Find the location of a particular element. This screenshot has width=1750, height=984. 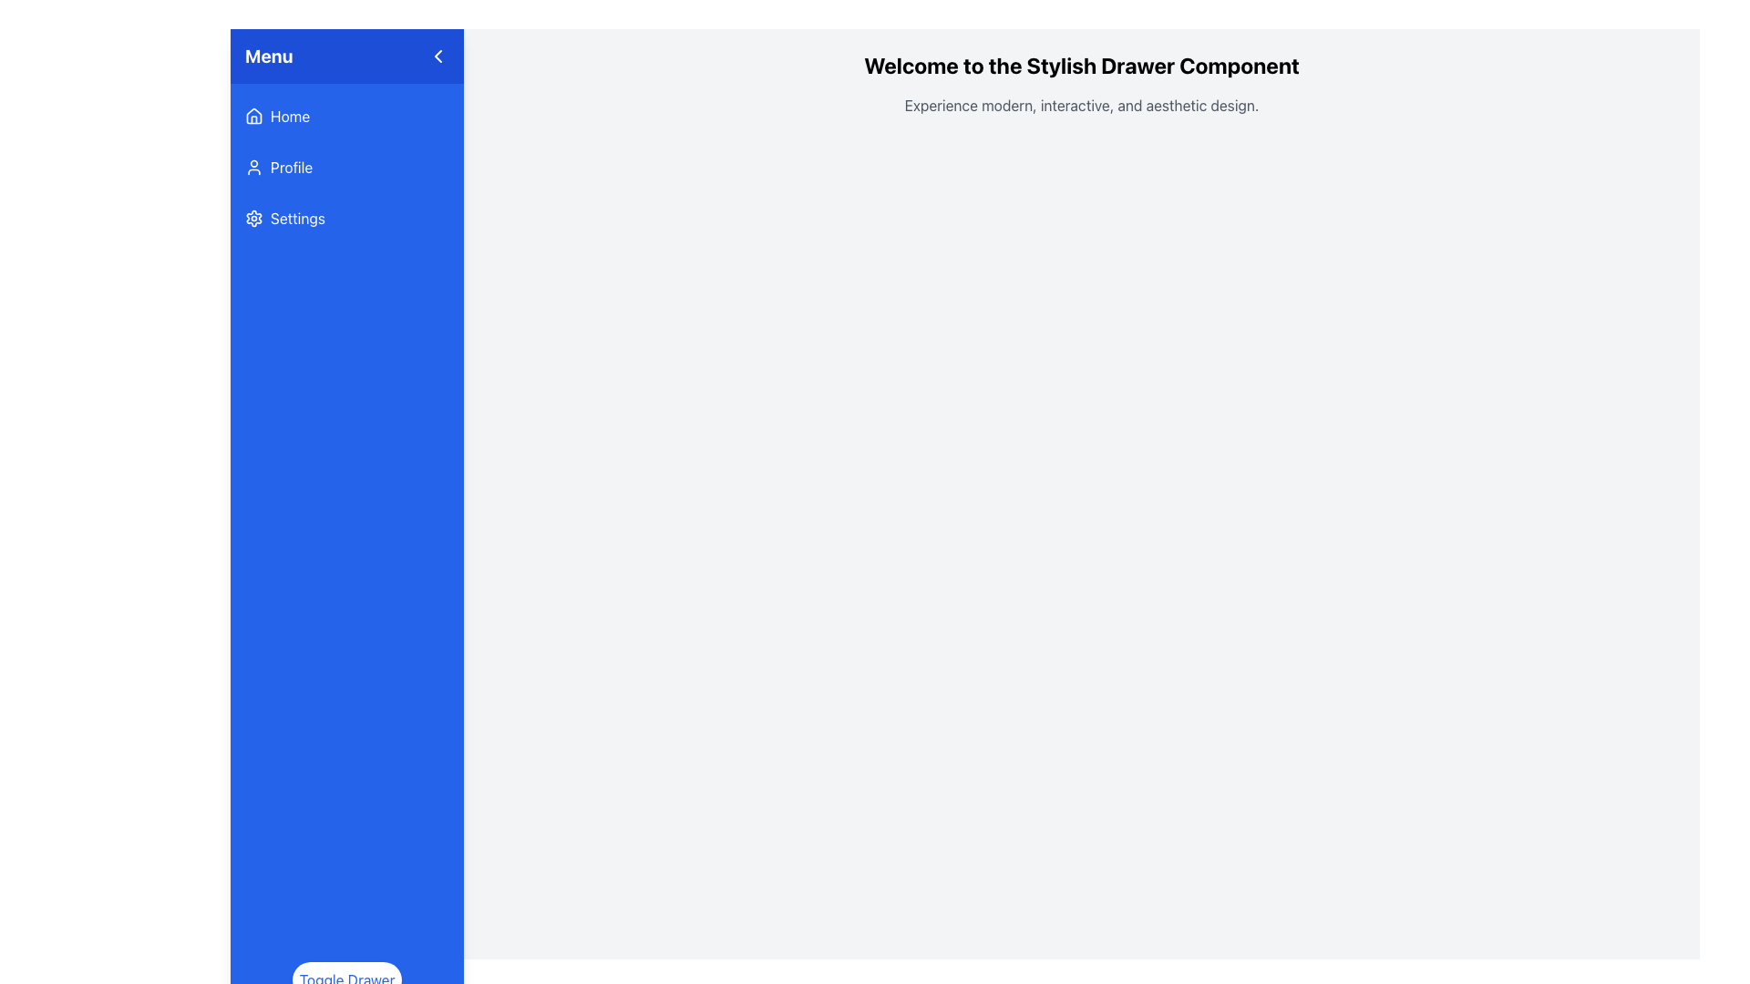

the Icon Button located on the far right side of the top header section, next to the 'Menu' text, which serves to collapse or close the sidebar menu is located at coordinates (437, 55).